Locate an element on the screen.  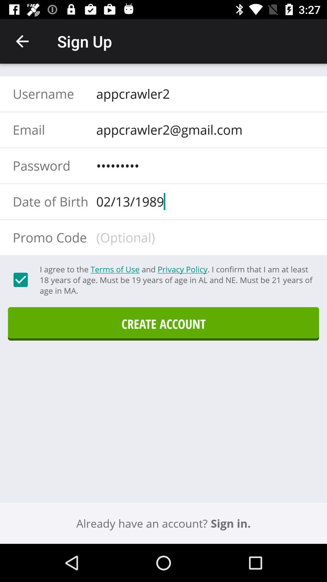
appcrawler2@gmail.com icon is located at coordinates (203, 129).